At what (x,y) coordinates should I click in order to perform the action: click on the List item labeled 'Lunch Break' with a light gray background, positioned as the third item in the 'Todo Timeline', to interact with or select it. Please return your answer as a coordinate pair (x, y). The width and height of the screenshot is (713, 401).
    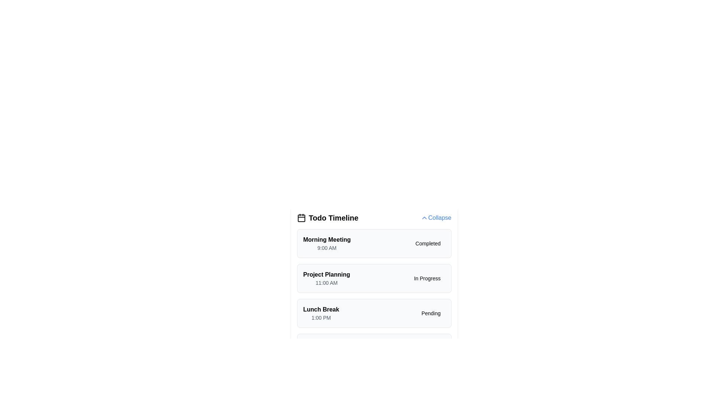
    Looking at the image, I should click on (374, 313).